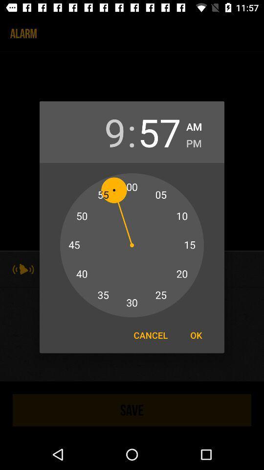 The height and width of the screenshot is (470, 264). What do you see at coordinates (159, 131) in the screenshot?
I see `item next to the am item` at bounding box center [159, 131].